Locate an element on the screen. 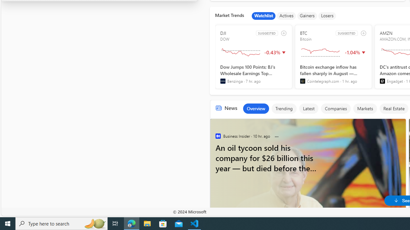 This screenshot has width=410, height=230. 'BTC SUGGESTED Bitcoin' is located at coordinates (333, 57).